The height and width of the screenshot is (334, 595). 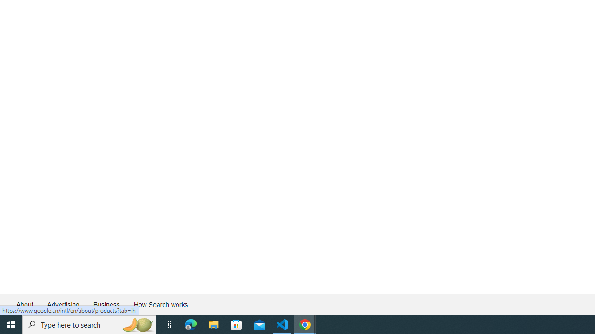 What do you see at coordinates (25, 305) in the screenshot?
I see `'About'` at bounding box center [25, 305].